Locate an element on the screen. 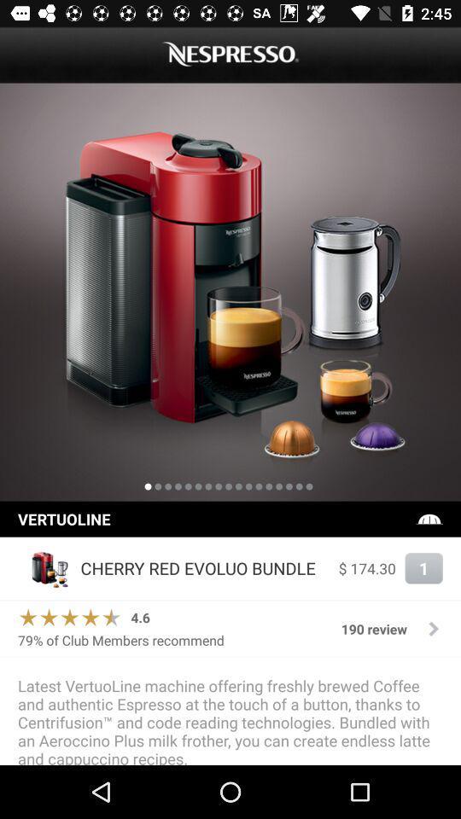  item to the right of $ 174.30 is located at coordinates (423, 568).